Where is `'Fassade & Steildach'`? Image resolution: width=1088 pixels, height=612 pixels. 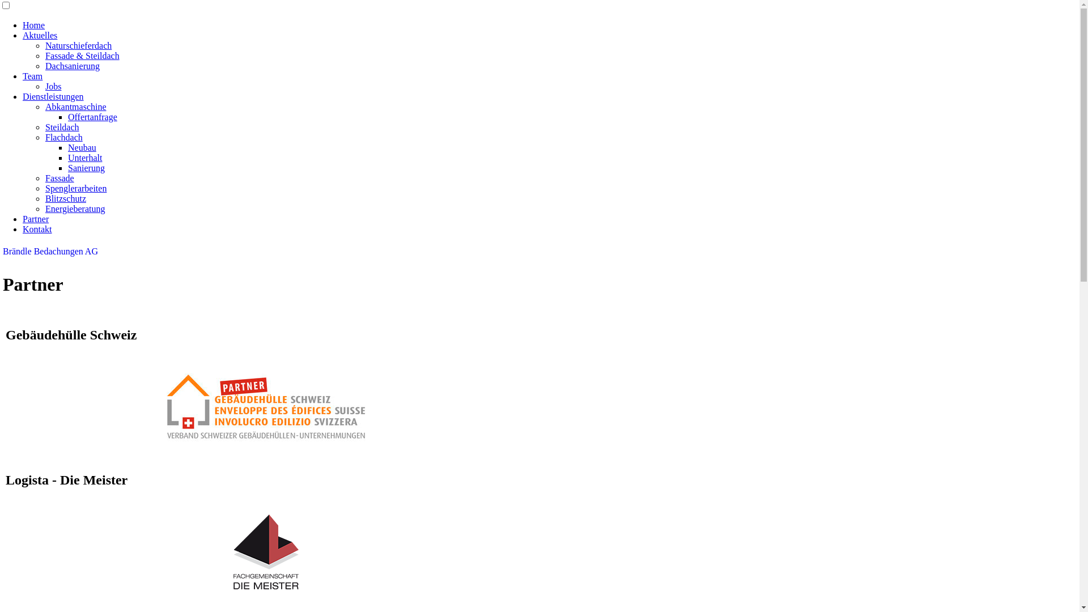
'Fassade & Steildach' is located at coordinates (82, 56).